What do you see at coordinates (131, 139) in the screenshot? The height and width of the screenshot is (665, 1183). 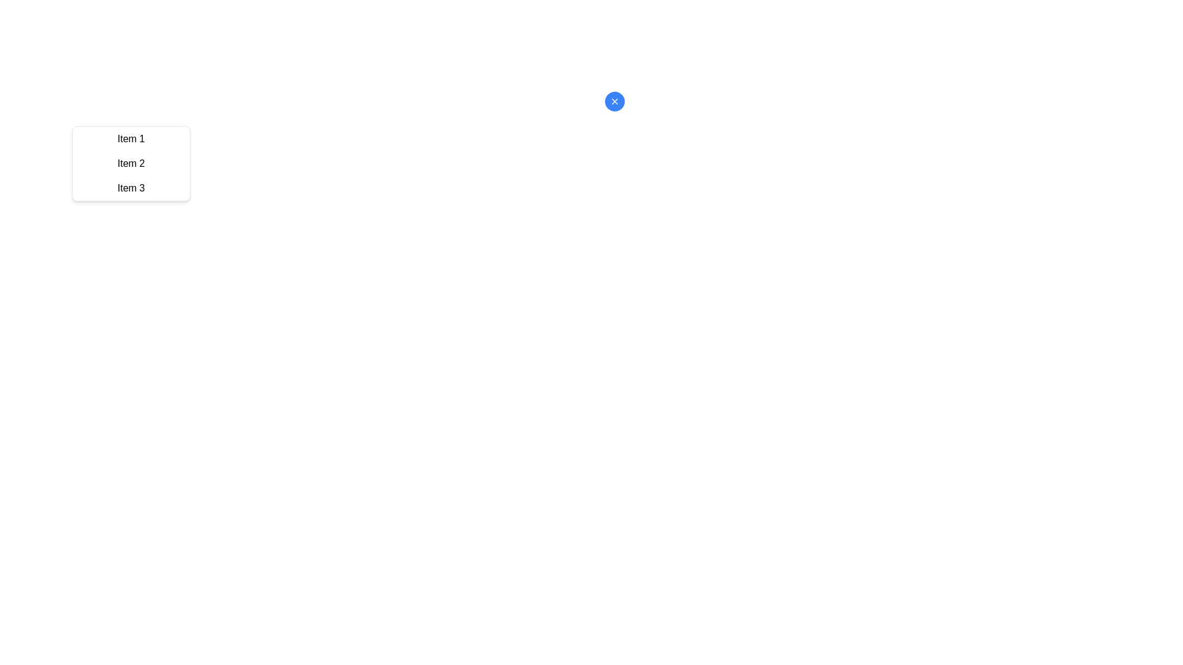 I see `the first list item in the menu, which is located at the top of the vertically stacked group` at bounding box center [131, 139].